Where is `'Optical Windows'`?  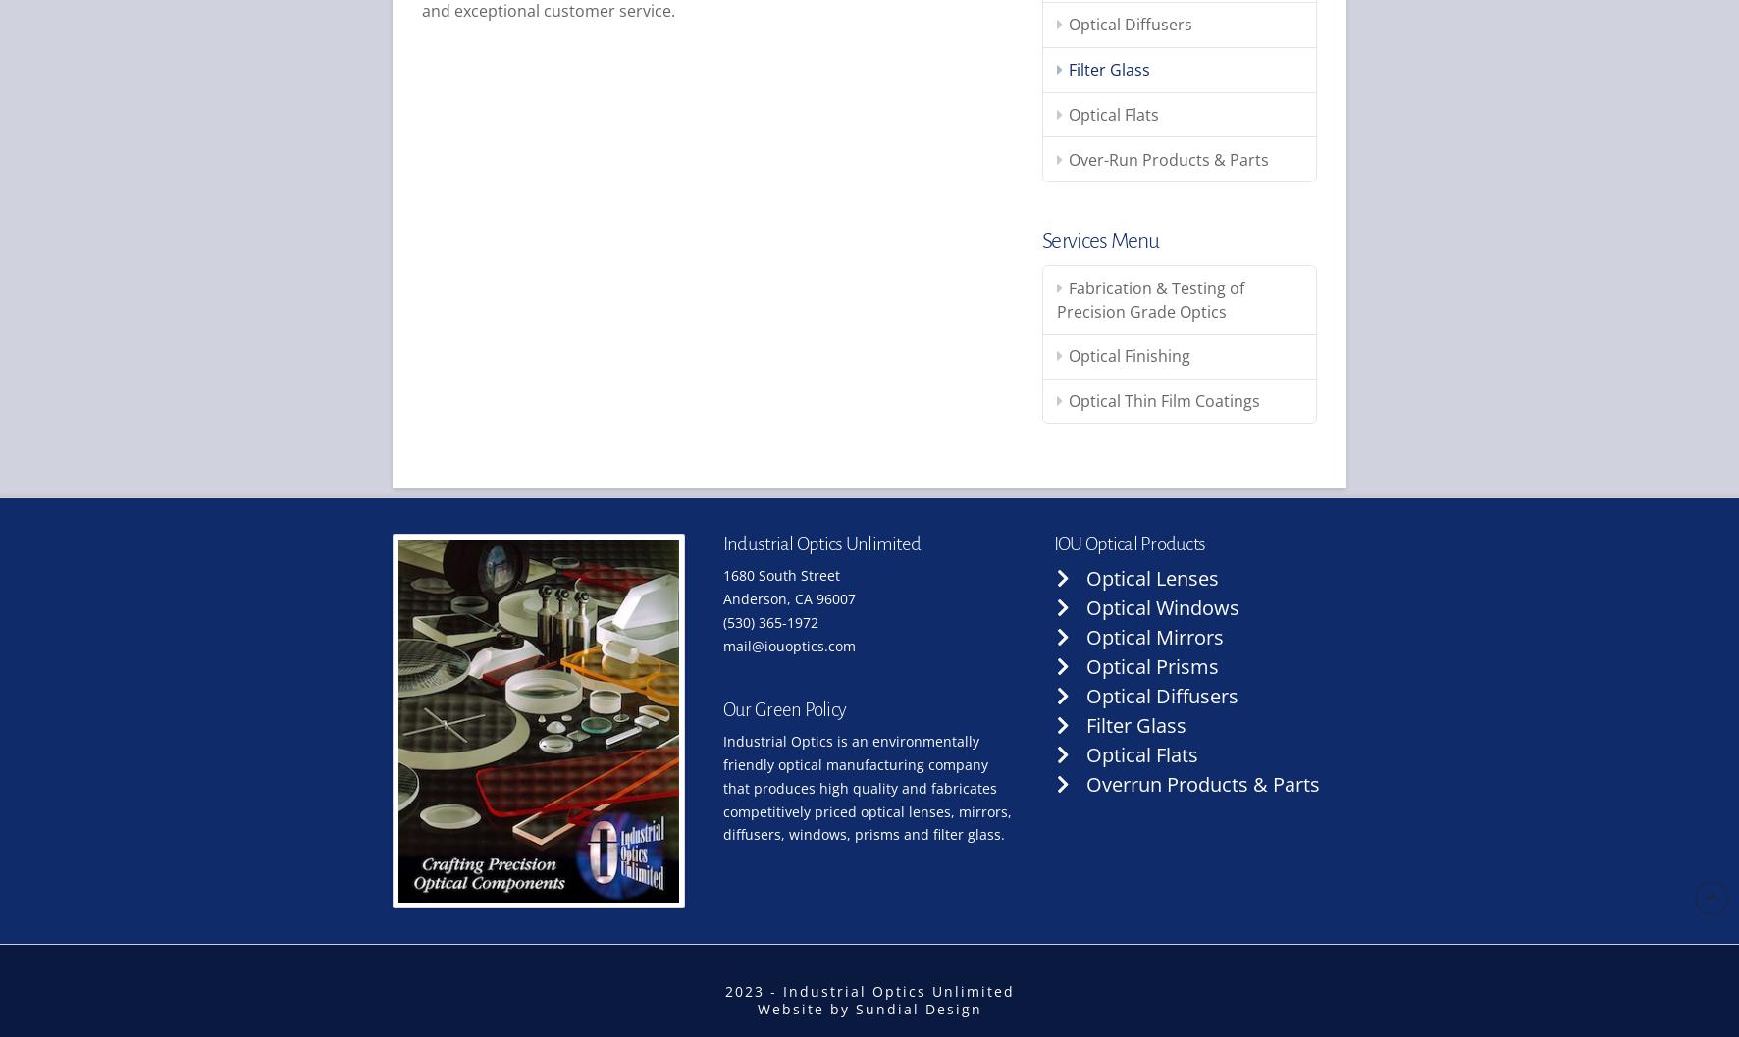
'Optical Windows' is located at coordinates (1085, 607).